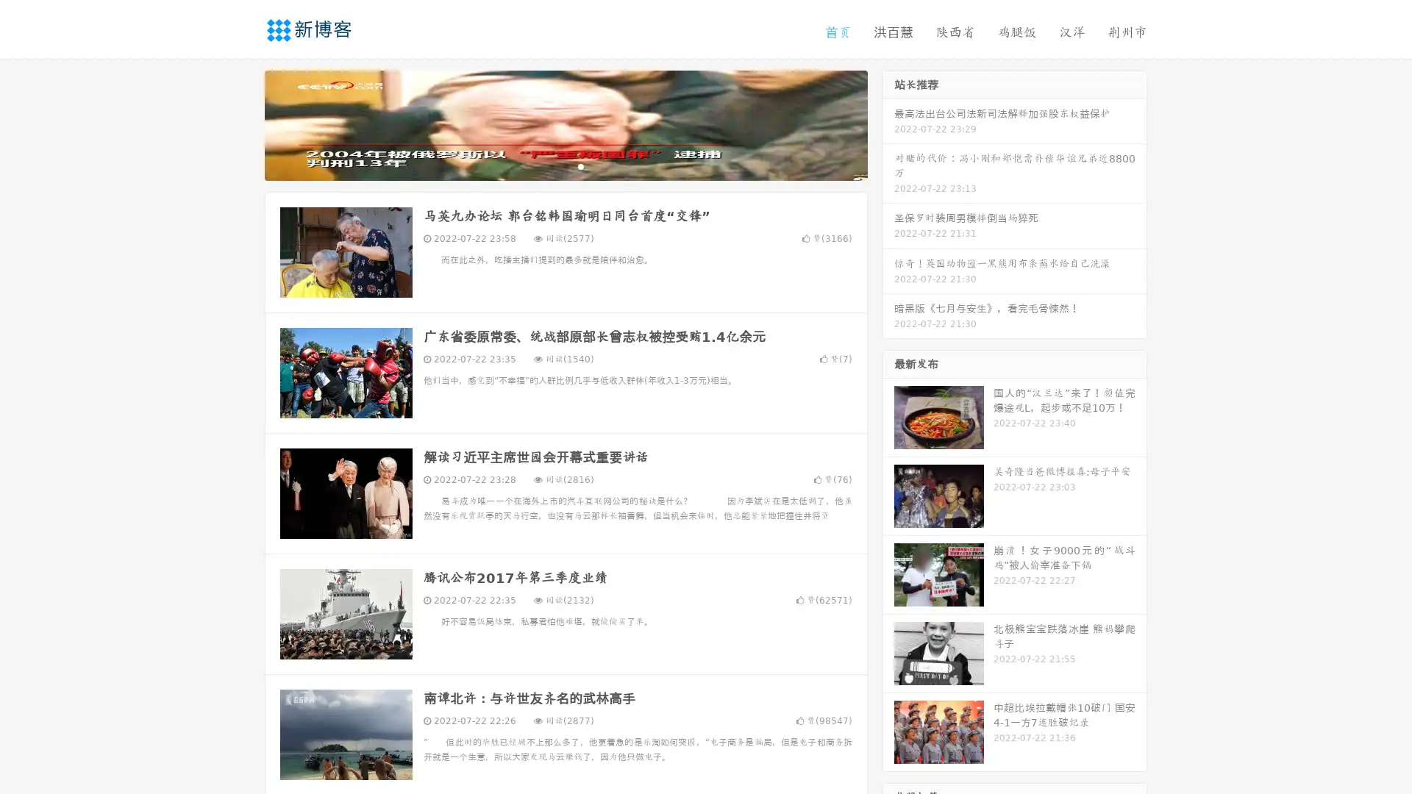 The height and width of the screenshot is (794, 1412). Describe the element at coordinates (550, 165) in the screenshot. I see `Go to slide 1` at that location.